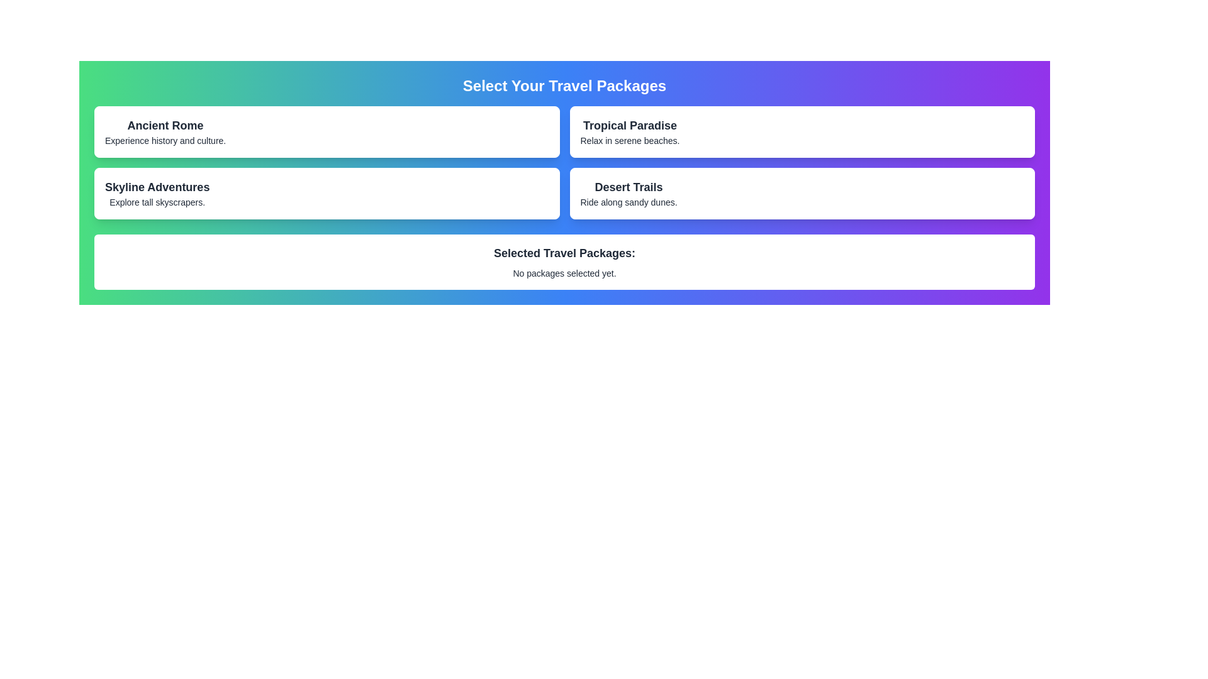 The image size is (1208, 679). I want to click on header text element that serves as the title for the travel packages section, providing context about the content below, so click(564, 86).